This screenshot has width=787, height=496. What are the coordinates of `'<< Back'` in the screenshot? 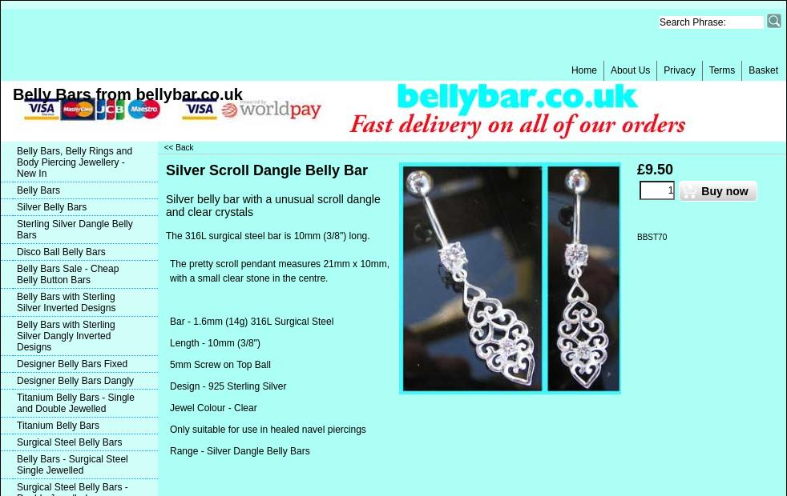 It's located at (179, 146).